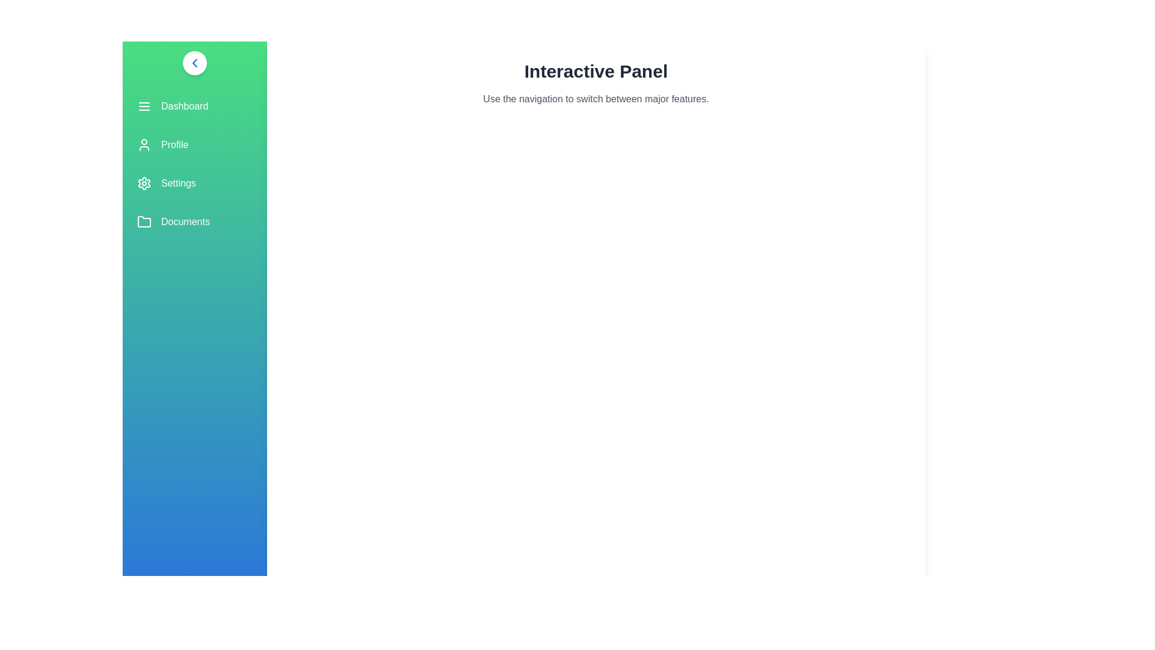 The width and height of the screenshot is (1155, 650). What do you see at coordinates (195, 106) in the screenshot?
I see `the menu item labeled Dashboard to observe its hover effect` at bounding box center [195, 106].